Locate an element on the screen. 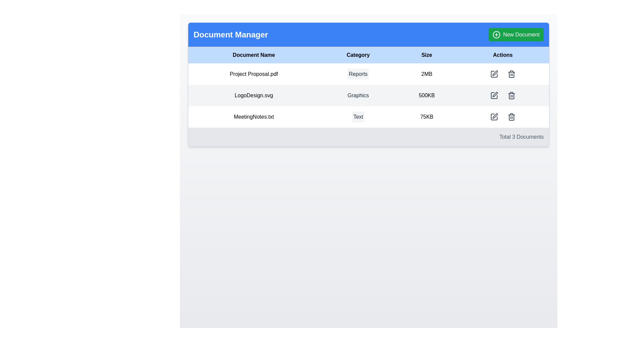  the 'Document Manager' header which is a prominent, bold text in a blue banner at the top of the interface is located at coordinates (231, 35).